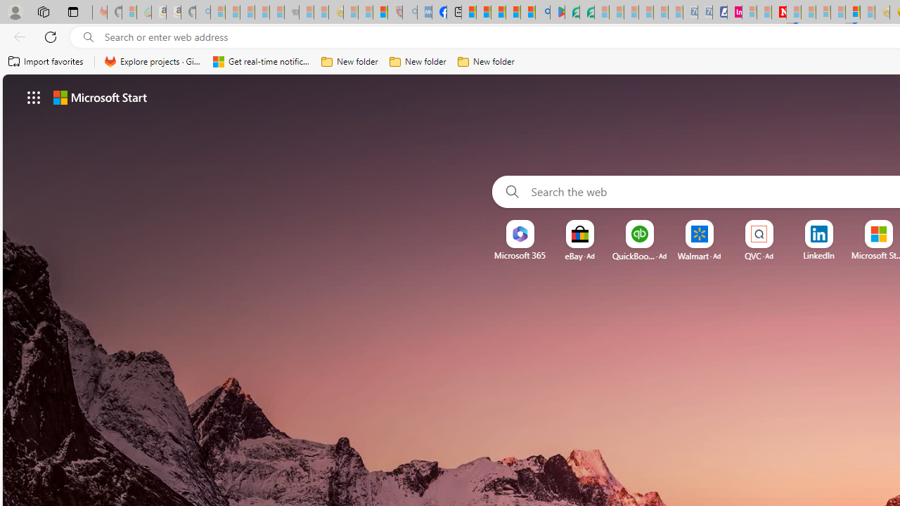  I want to click on '14 Common Myths Debunked By Scientific Facts - Sleeping', so click(809, 12).